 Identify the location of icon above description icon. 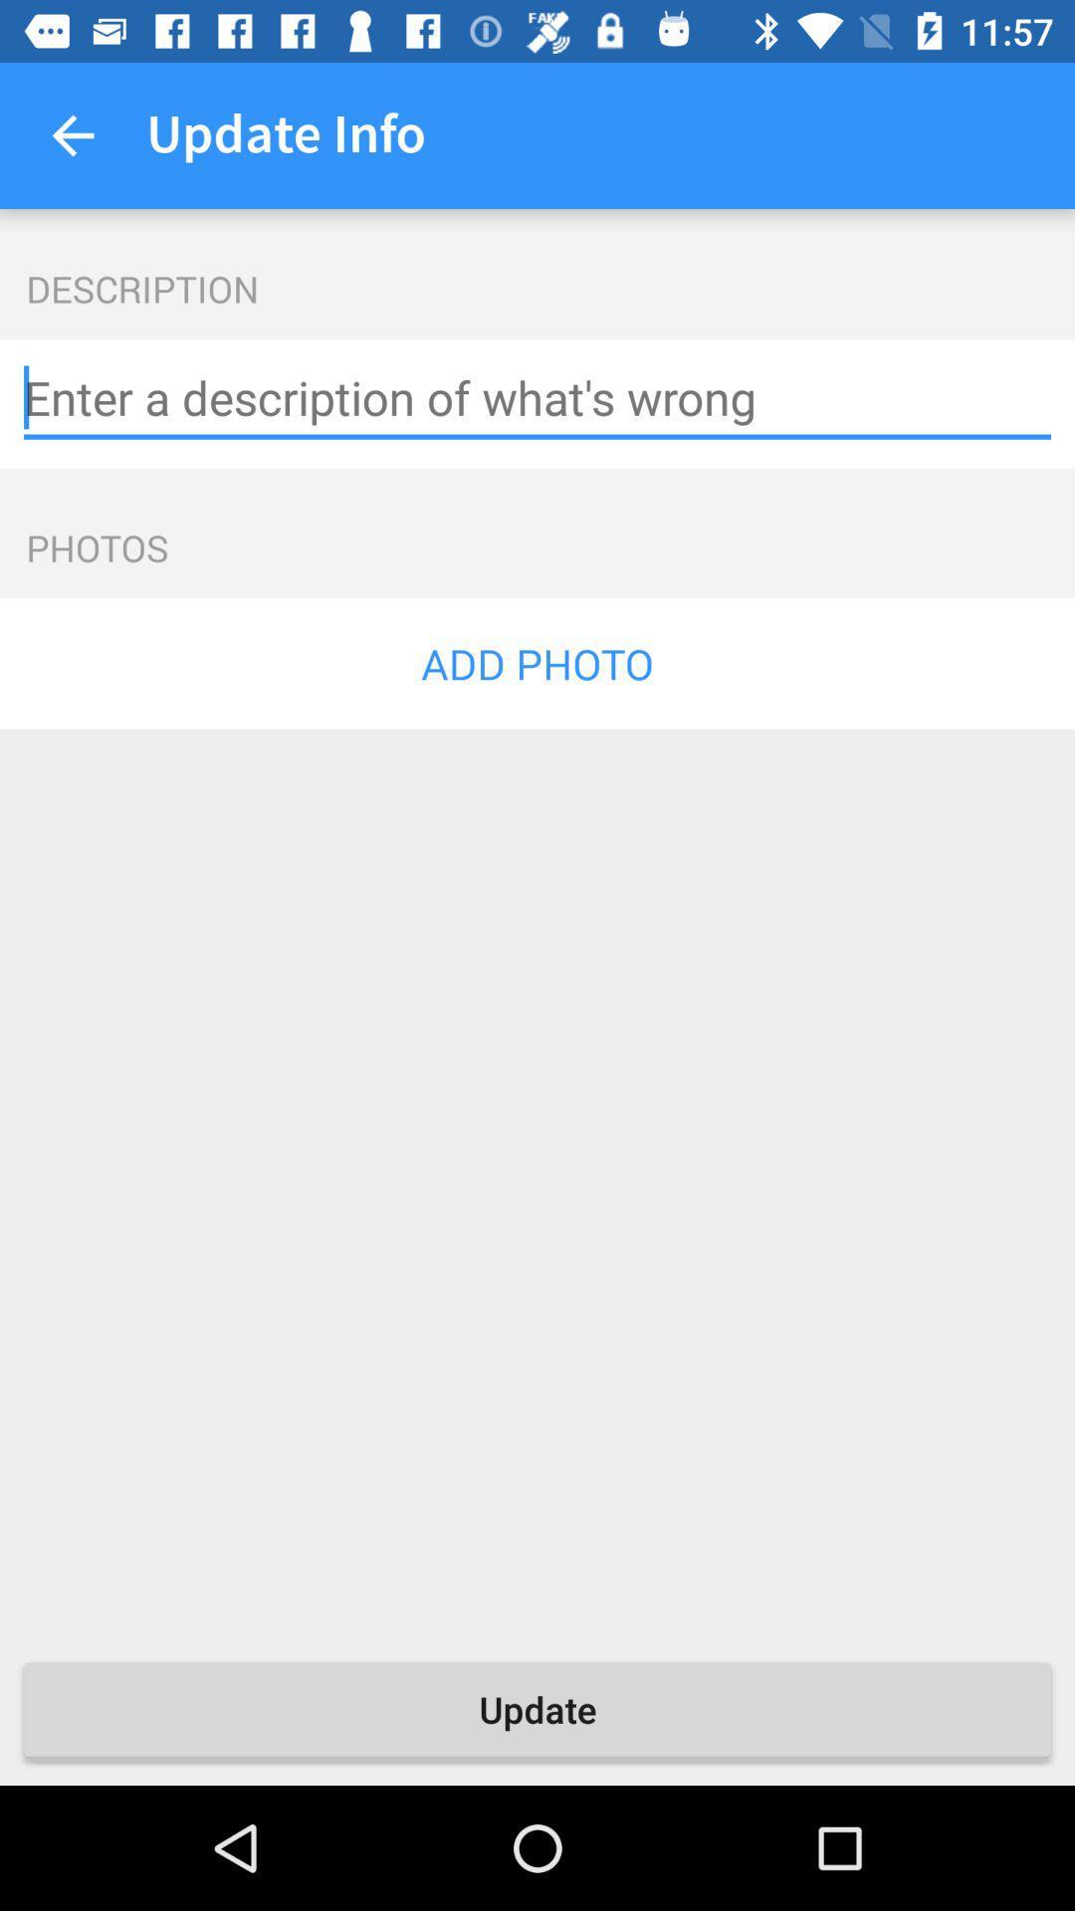
(72, 134).